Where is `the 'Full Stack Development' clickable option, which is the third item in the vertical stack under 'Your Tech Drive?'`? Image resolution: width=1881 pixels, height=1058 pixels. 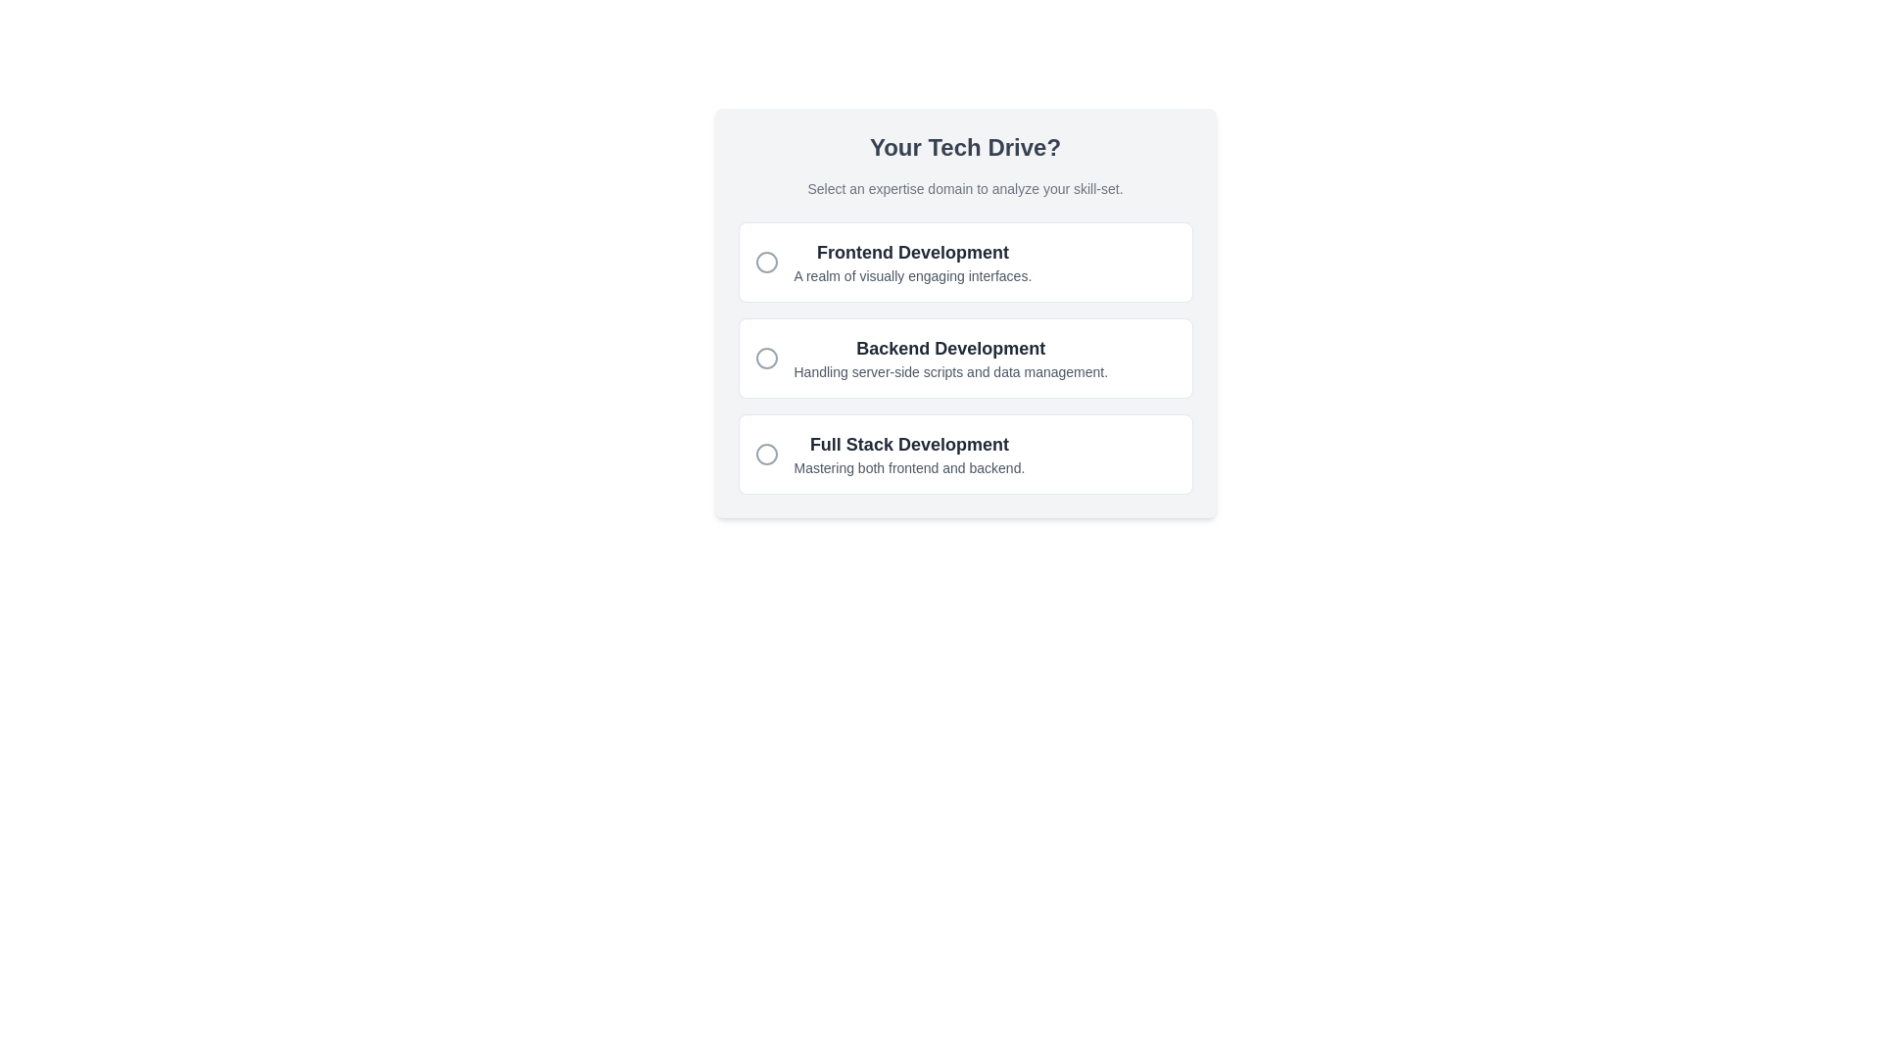 the 'Full Stack Development' clickable option, which is the third item in the vertical stack under 'Your Tech Drive?' is located at coordinates (908, 454).